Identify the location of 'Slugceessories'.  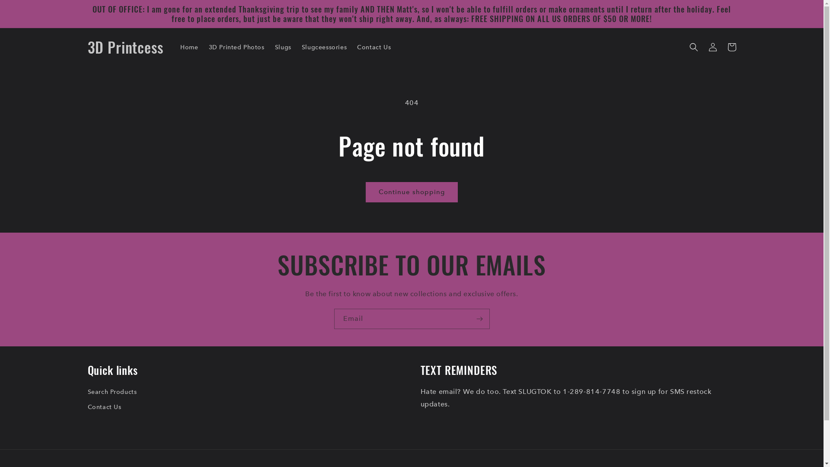
(297, 47).